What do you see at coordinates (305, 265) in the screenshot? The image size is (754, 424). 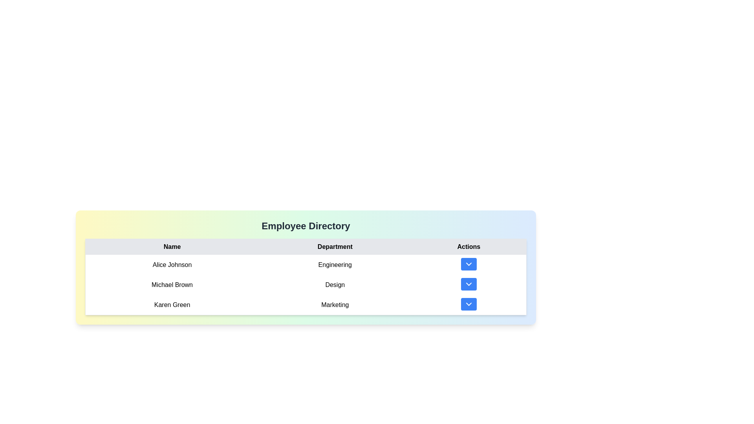 I see `the first row` at bounding box center [305, 265].